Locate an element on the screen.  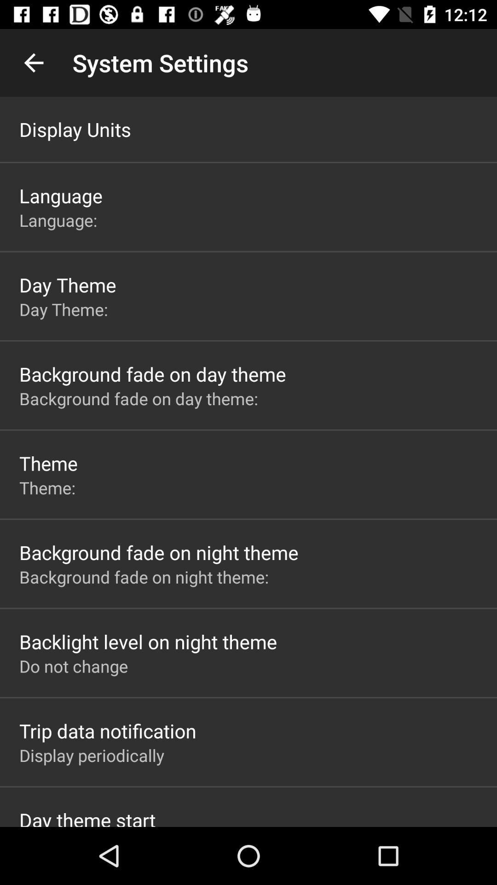
item above the trip data notification icon is located at coordinates (73, 666).